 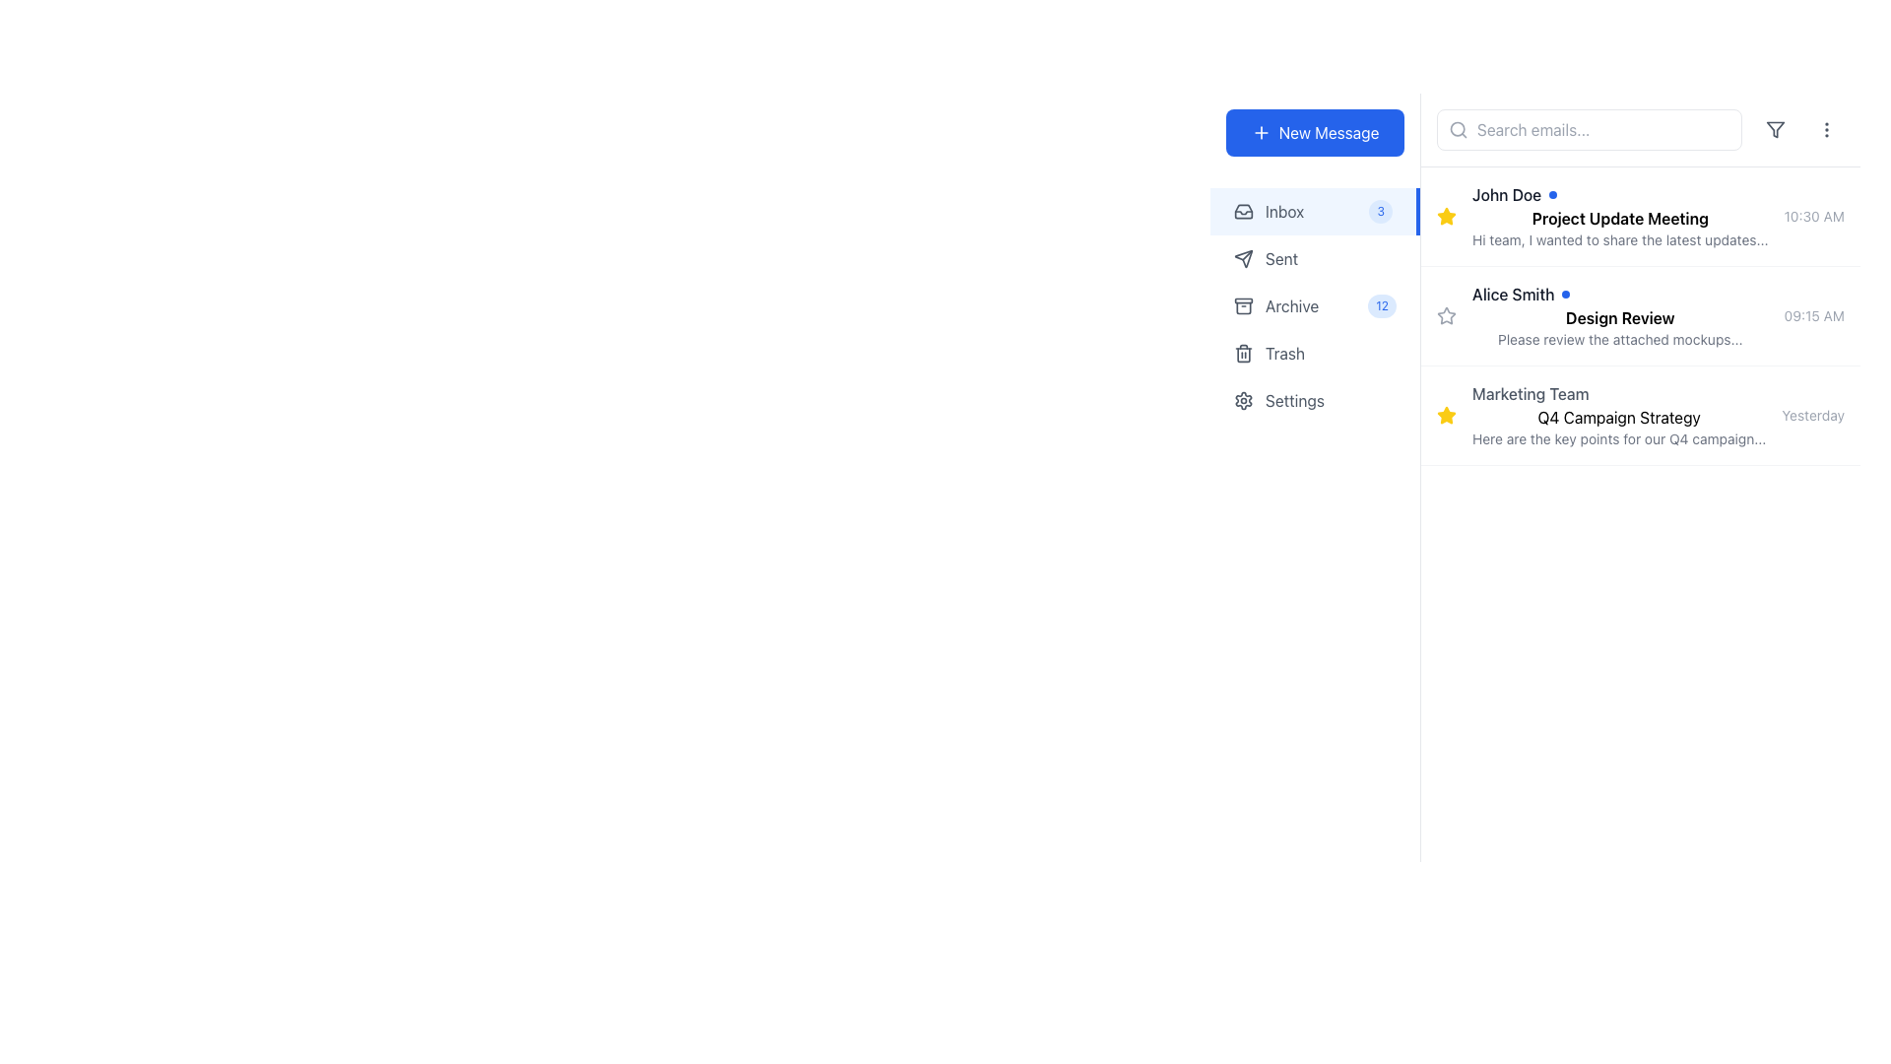 What do you see at coordinates (1506, 194) in the screenshot?
I see `the text label representing the sender's name for the first email entry in the list, which is located between a star icon and a blue dot indicator` at bounding box center [1506, 194].